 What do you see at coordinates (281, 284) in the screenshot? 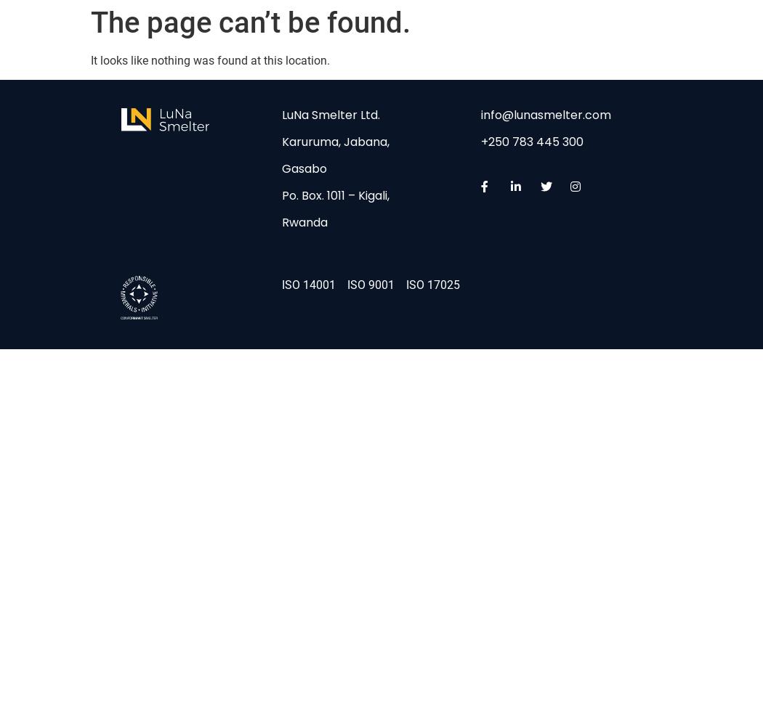
I see `'ISO 14001'` at bounding box center [281, 284].